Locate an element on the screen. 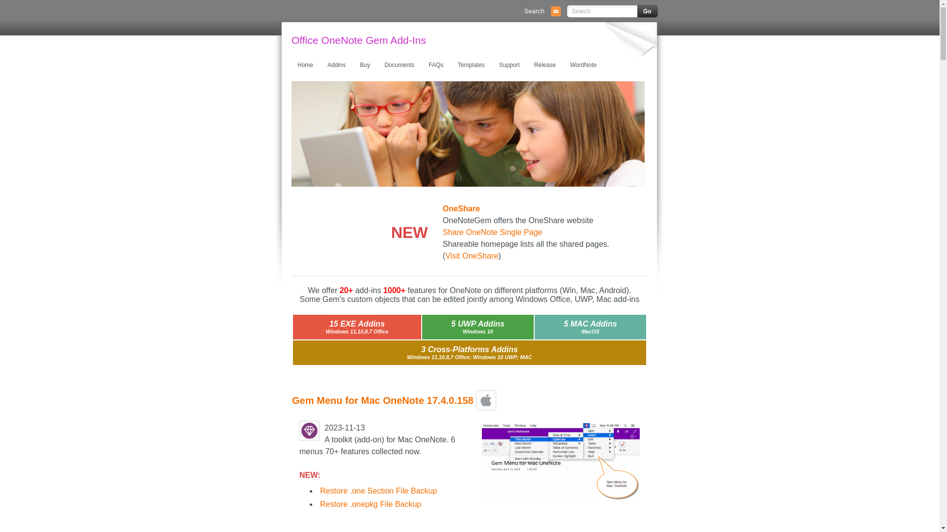 The height and width of the screenshot is (532, 947). 'OneShare' is located at coordinates (461, 208).